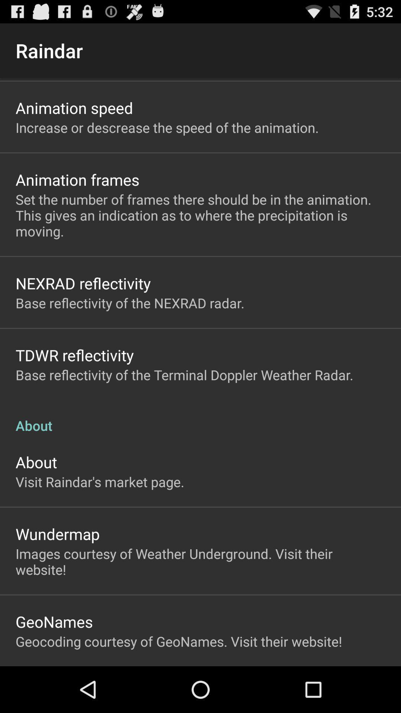 The height and width of the screenshot is (713, 401). What do you see at coordinates (100, 482) in the screenshot?
I see `the icon above the wundermap` at bounding box center [100, 482].